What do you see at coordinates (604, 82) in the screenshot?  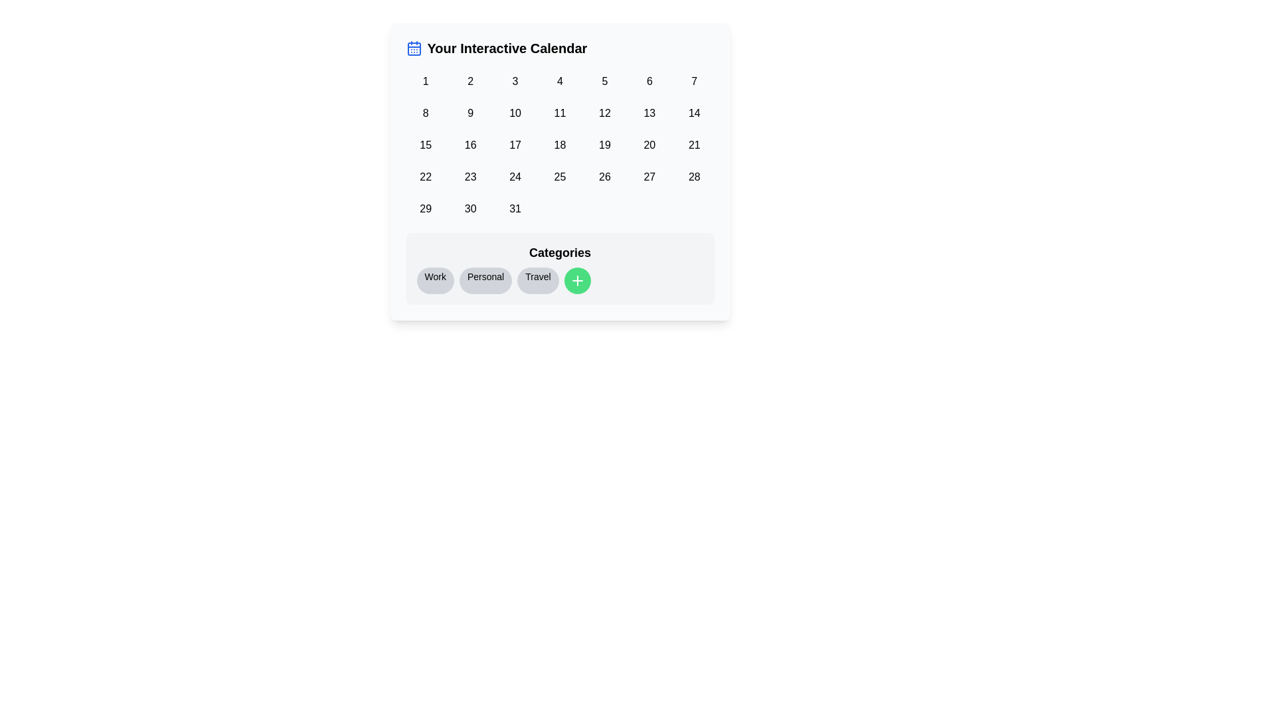 I see `the rounded button labeled '5' in the grid layout to observe its hover state effects` at bounding box center [604, 82].